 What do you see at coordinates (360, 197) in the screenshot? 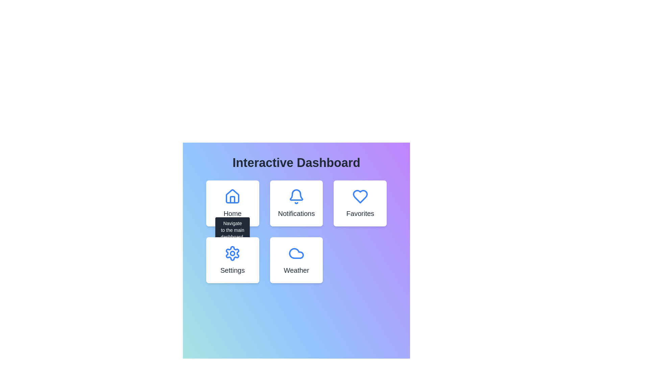
I see `the 'Favorites' icon located at the center of the 'Favorites' section in the top-right corner of the layout grid` at bounding box center [360, 197].